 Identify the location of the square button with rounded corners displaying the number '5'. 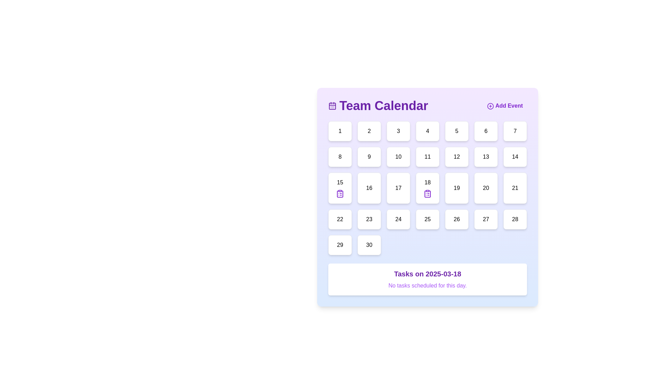
(457, 131).